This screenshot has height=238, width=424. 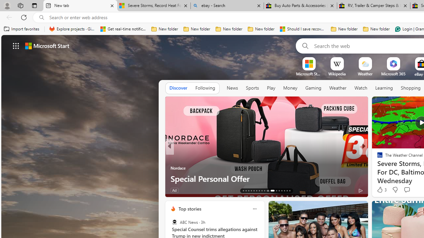 What do you see at coordinates (246, 191) in the screenshot?
I see `'AutomationID: tab-14'` at bounding box center [246, 191].